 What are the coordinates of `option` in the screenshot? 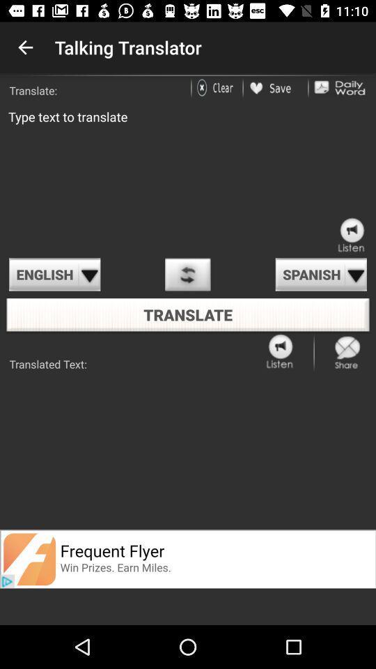 It's located at (187, 274).